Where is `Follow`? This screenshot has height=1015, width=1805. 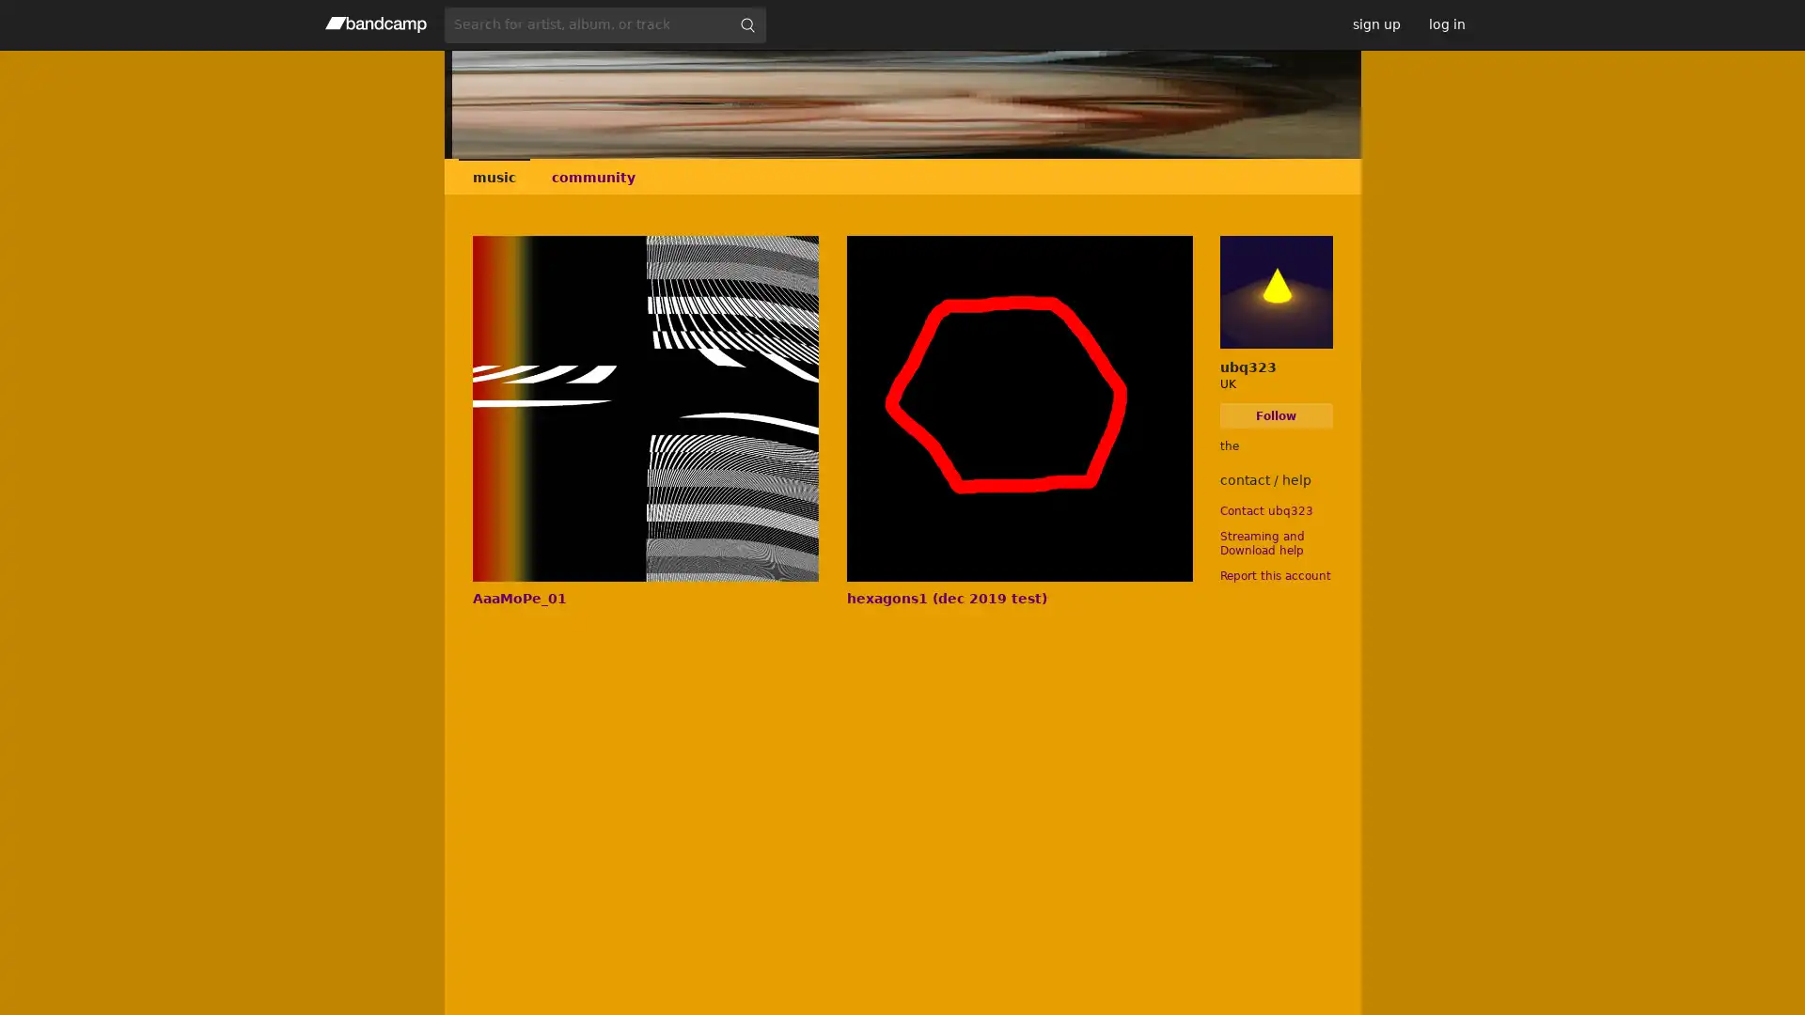
Follow is located at coordinates (1276, 414).